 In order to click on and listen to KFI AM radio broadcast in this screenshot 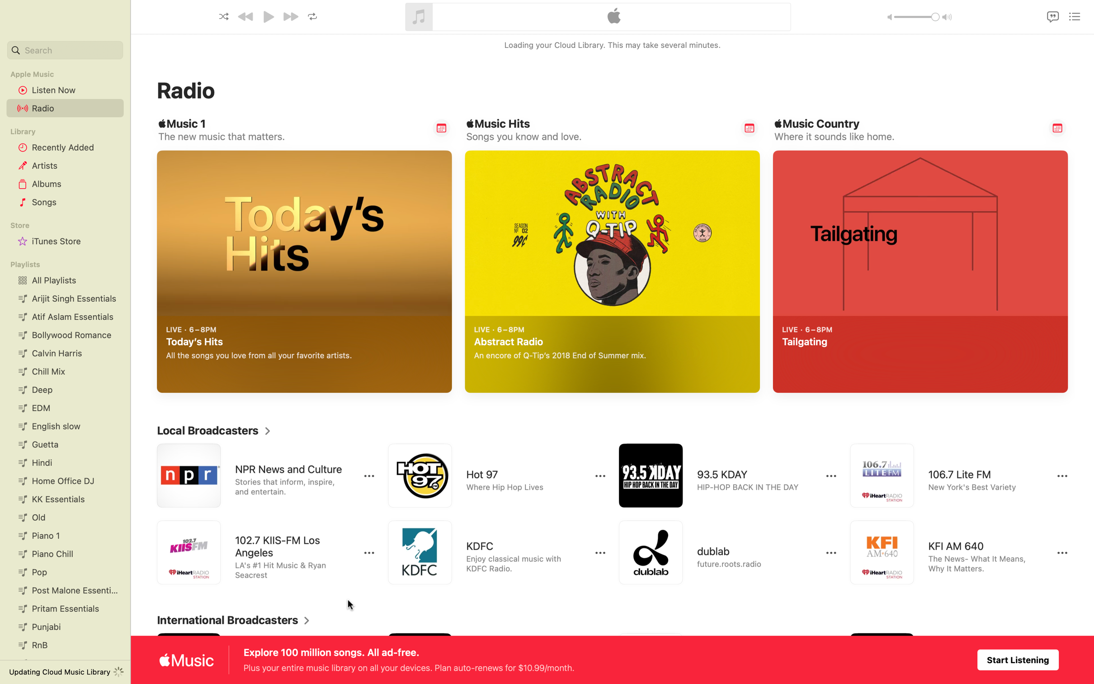, I will do `click(950, 553)`.